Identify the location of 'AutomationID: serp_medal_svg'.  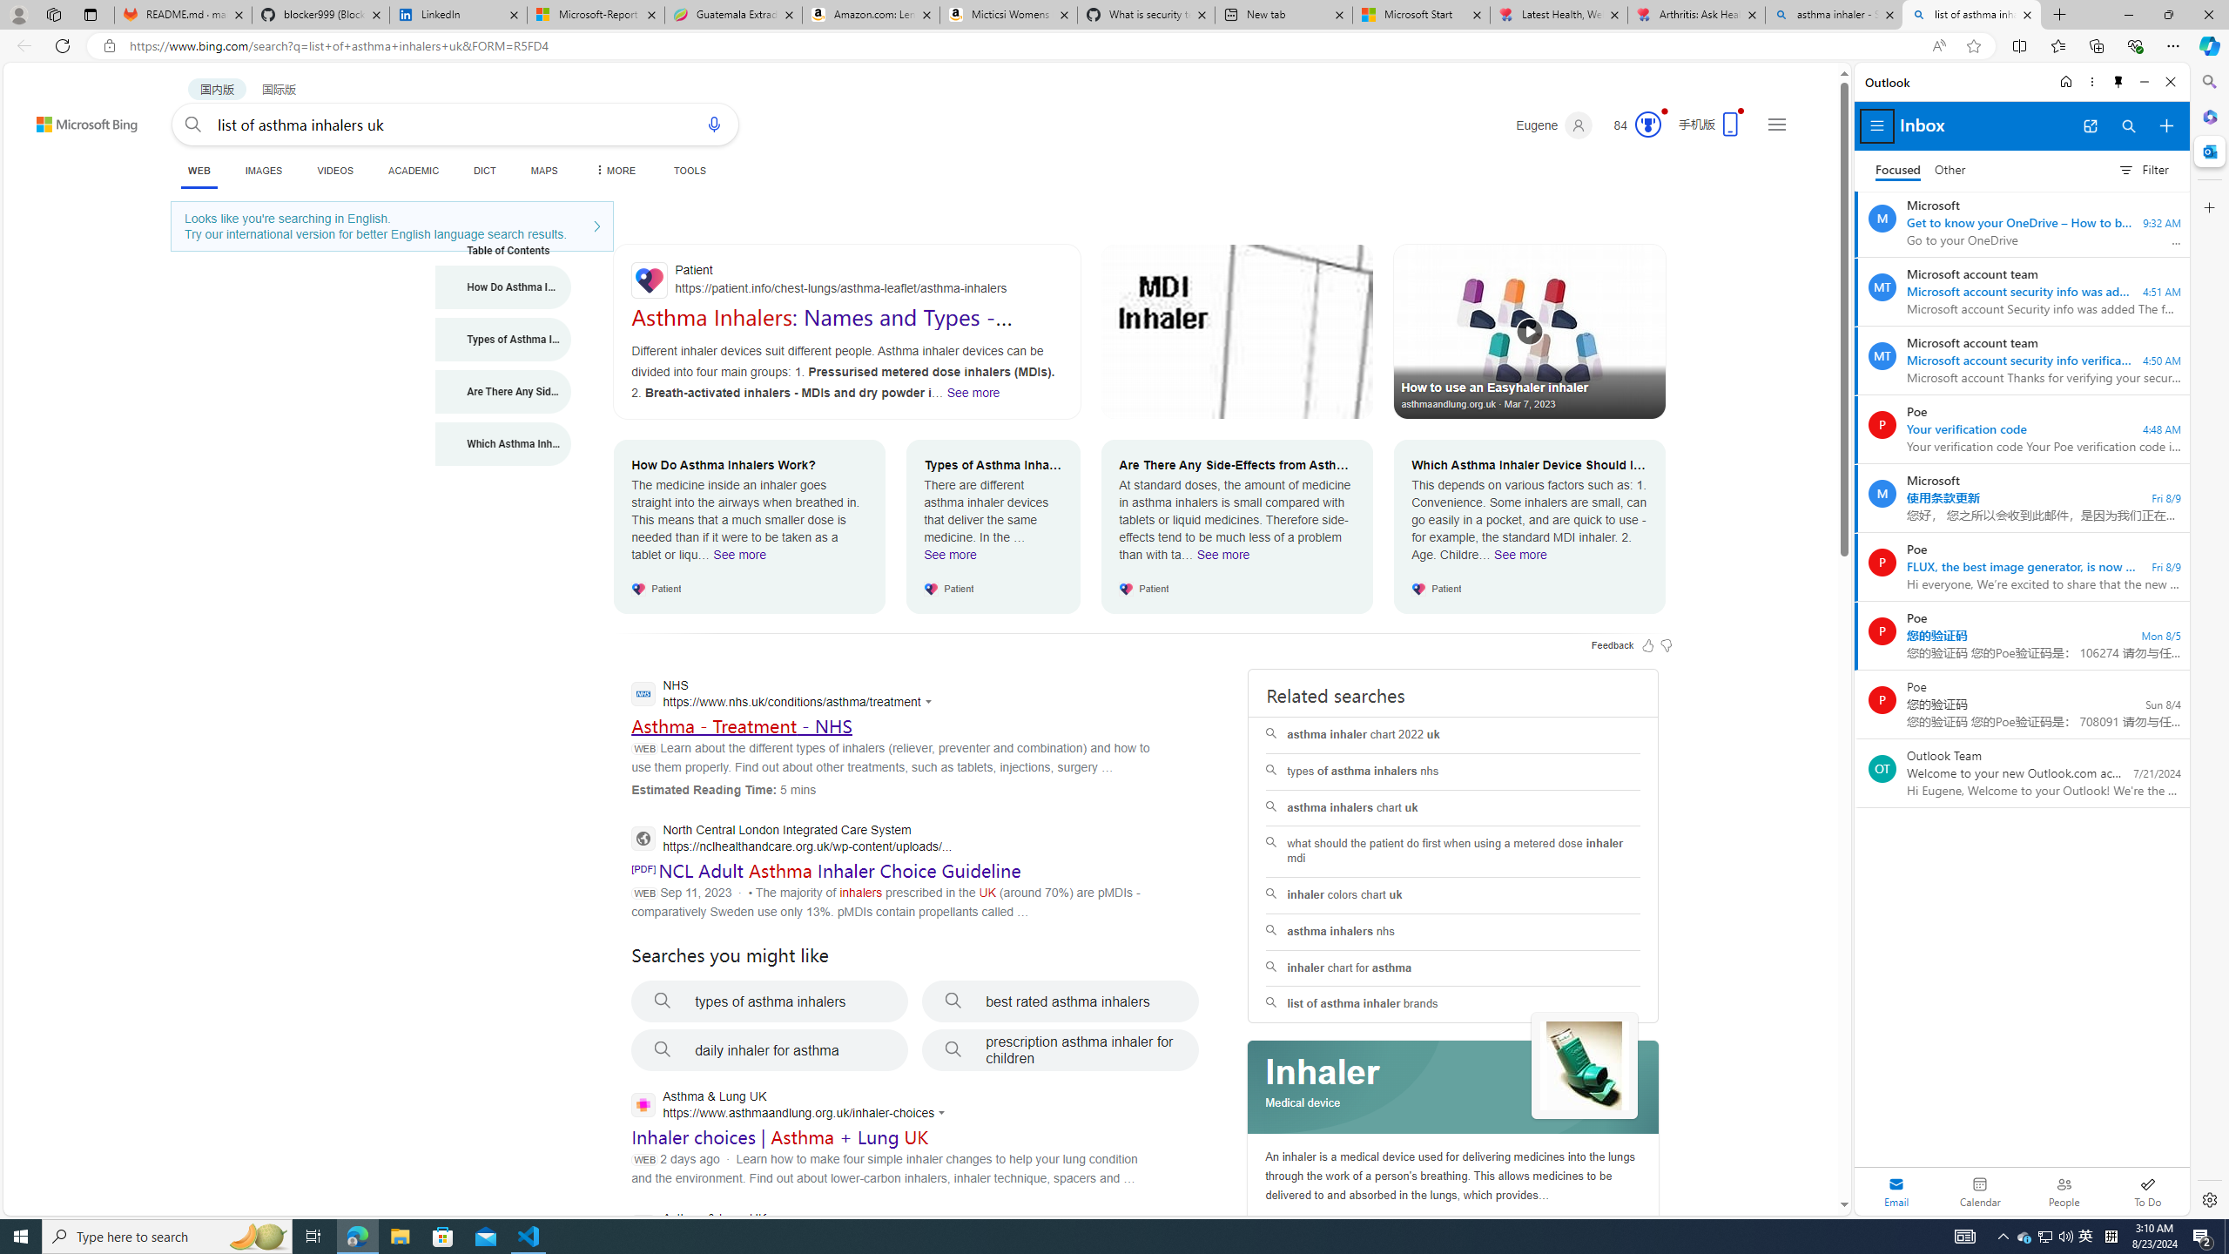
(1647, 123).